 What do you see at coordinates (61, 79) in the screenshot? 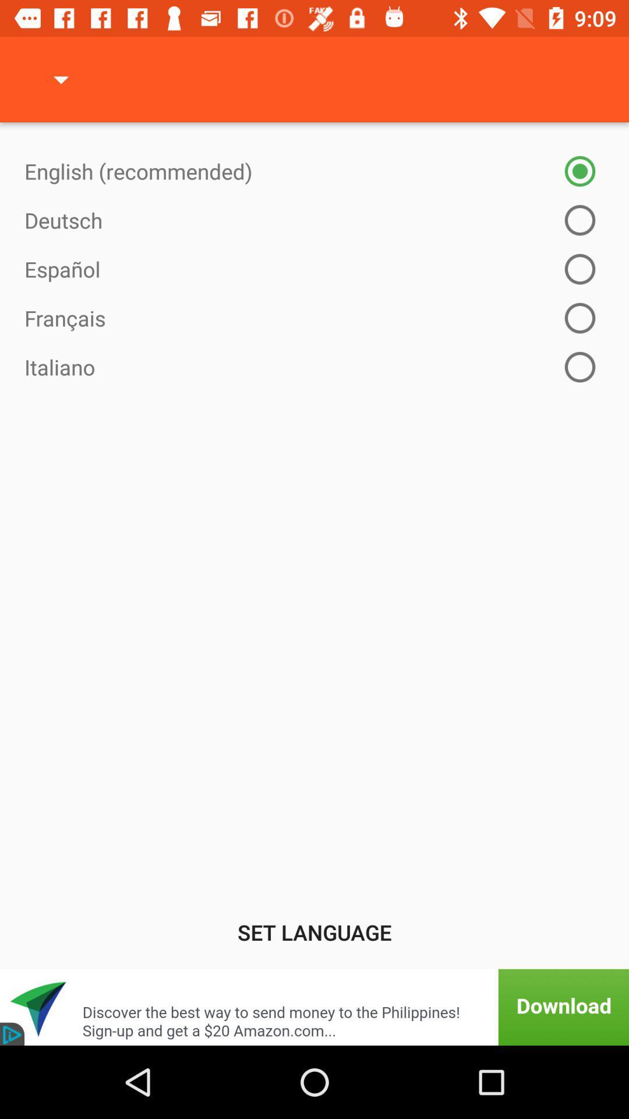
I see `icon at the top left corner` at bounding box center [61, 79].